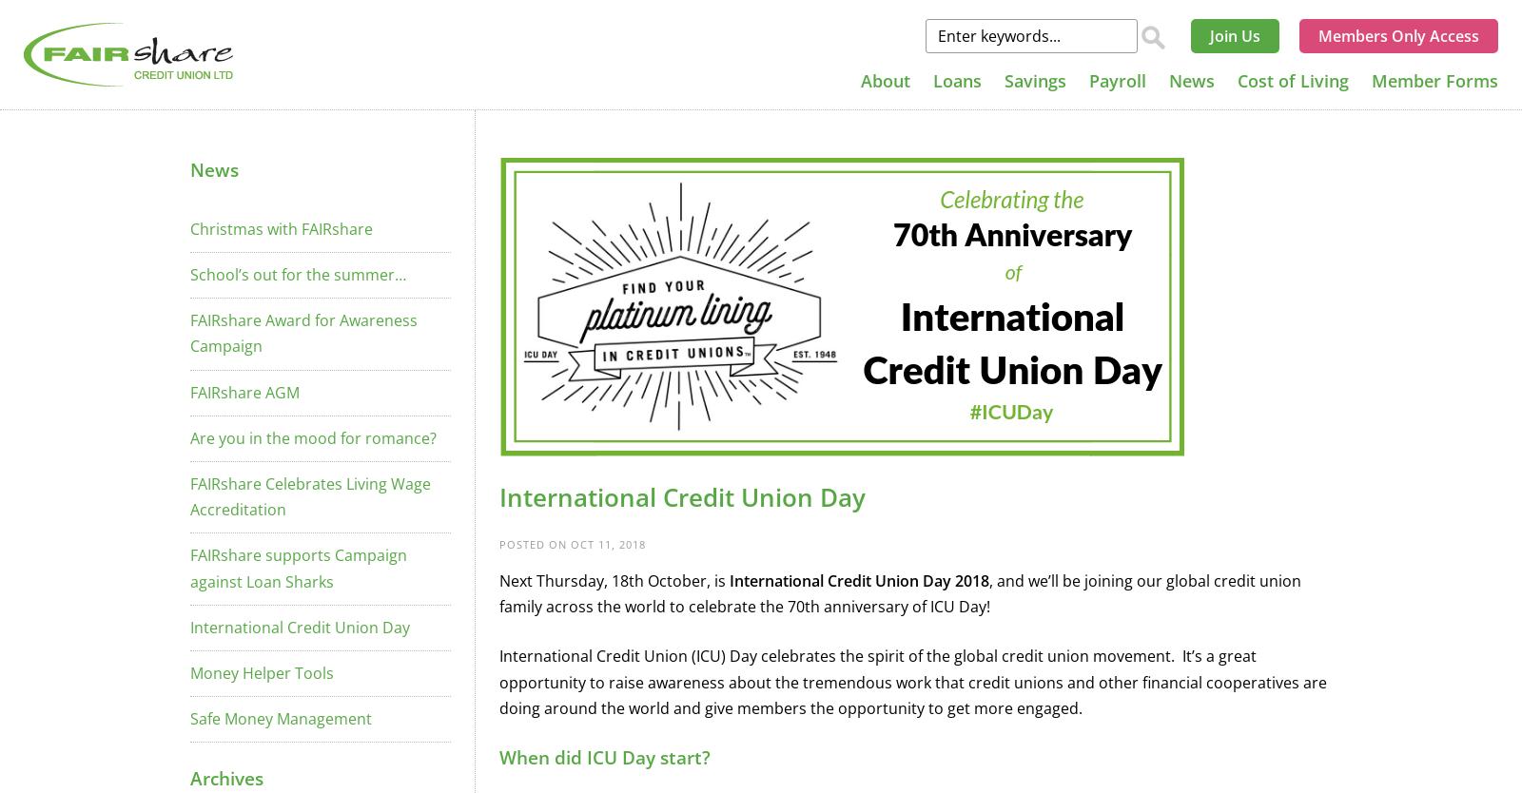  I want to click on 'Are you in the mood for romance?', so click(313, 437).